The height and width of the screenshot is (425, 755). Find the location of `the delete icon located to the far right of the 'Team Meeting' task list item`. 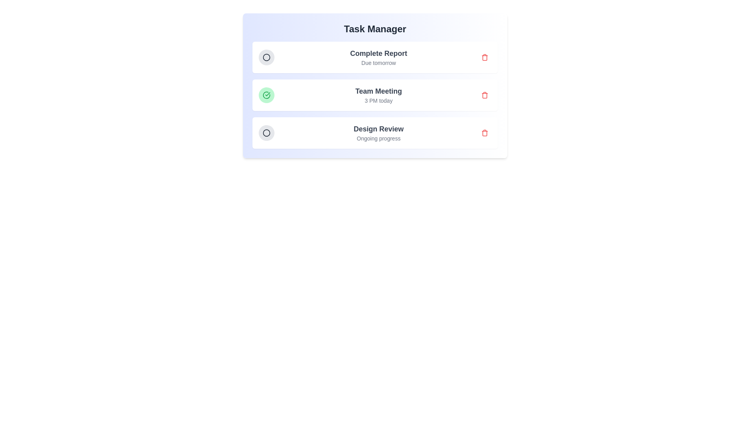

the delete icon located to the far right of the 'Team Meeting' task list item is located at coordinates (484, 95).